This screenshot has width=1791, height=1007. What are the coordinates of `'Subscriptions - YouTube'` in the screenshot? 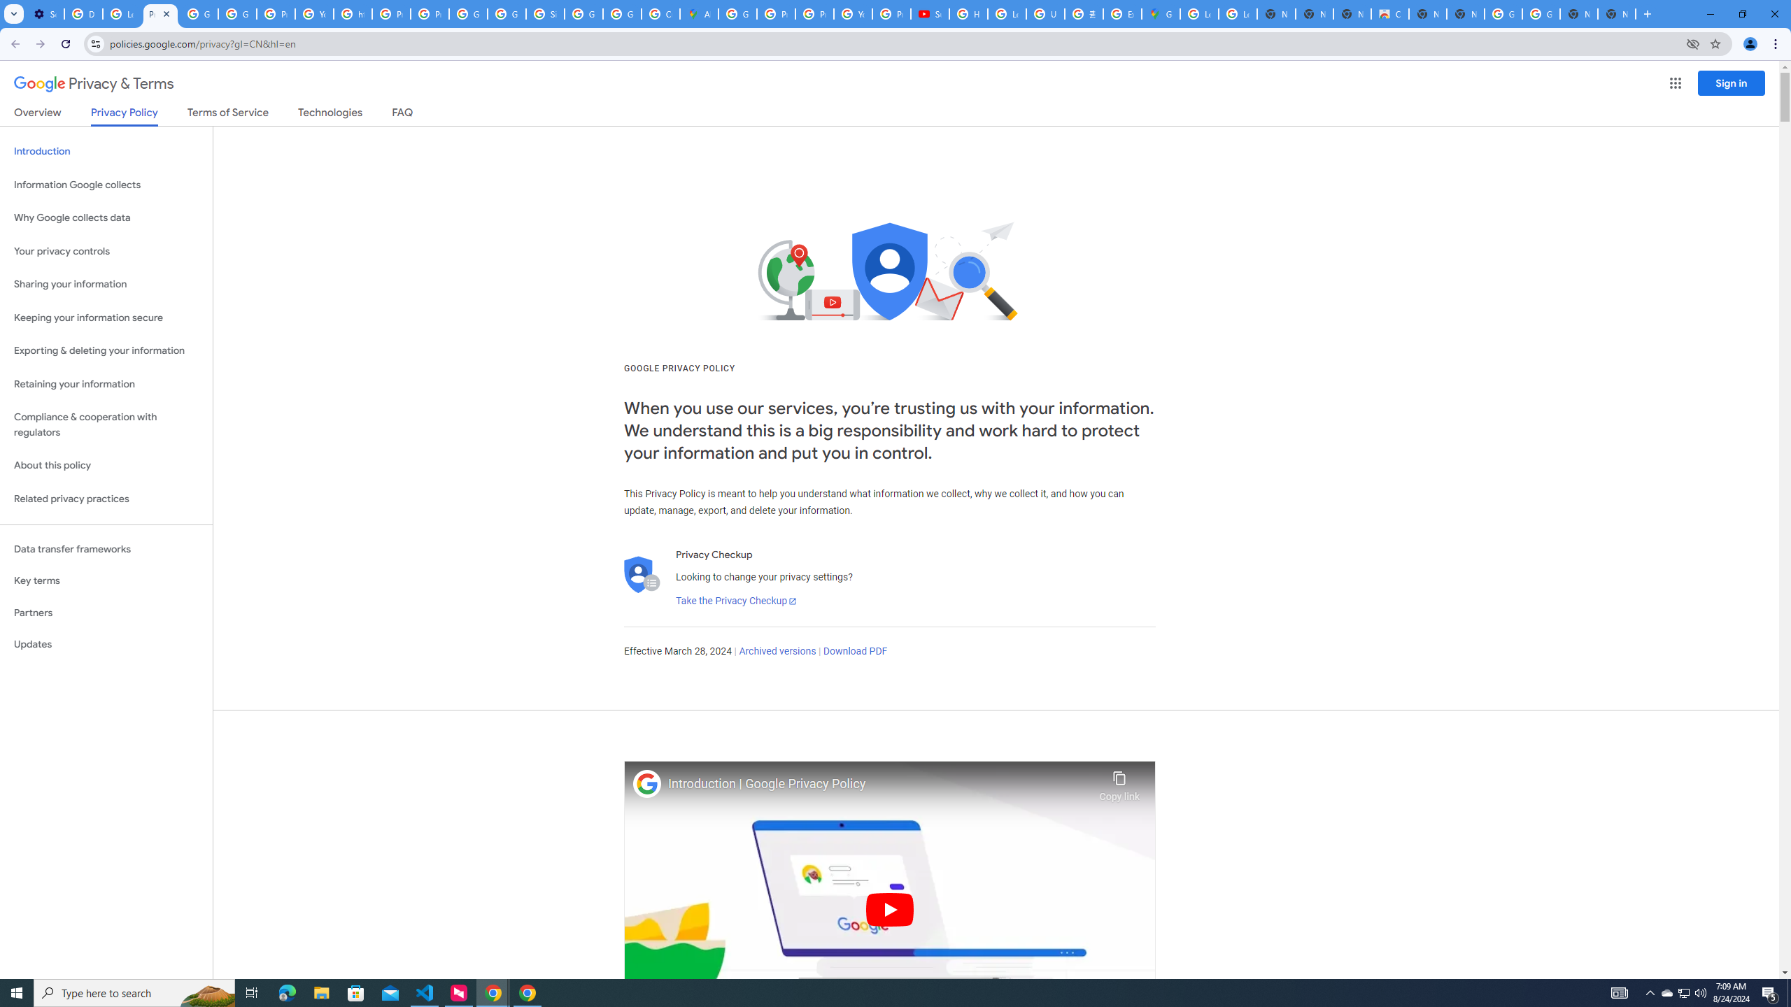 It's located at (929, 13).